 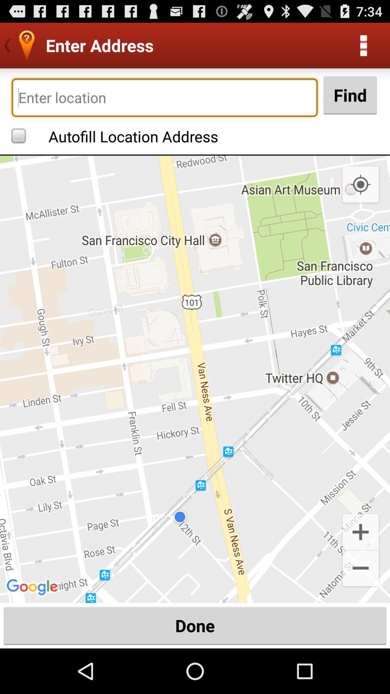 I want to click on the location_crosshair icon, so click(x=360, y=198).